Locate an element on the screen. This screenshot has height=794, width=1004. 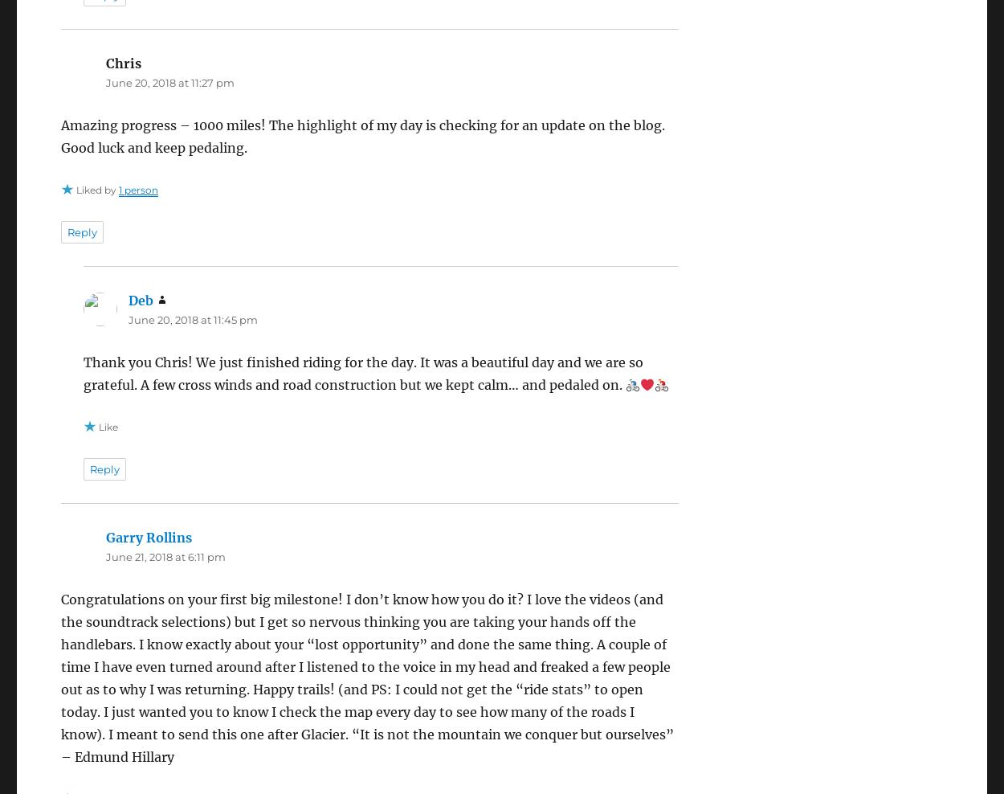
'June 20, 2018 at 11:27 pm' is located at coordinates (169, 81).